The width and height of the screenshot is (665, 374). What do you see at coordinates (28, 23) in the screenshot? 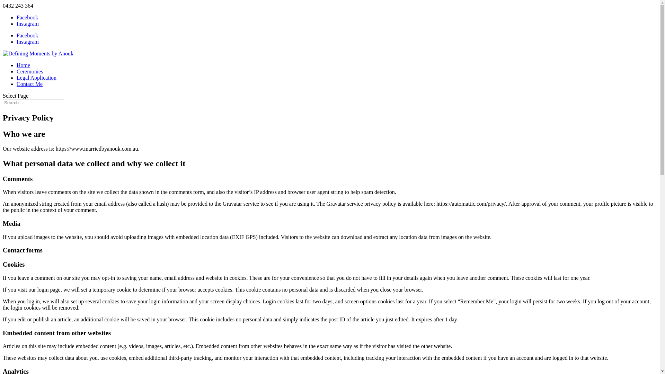
I see `'Instagram'` at bounding box center [28, 23].